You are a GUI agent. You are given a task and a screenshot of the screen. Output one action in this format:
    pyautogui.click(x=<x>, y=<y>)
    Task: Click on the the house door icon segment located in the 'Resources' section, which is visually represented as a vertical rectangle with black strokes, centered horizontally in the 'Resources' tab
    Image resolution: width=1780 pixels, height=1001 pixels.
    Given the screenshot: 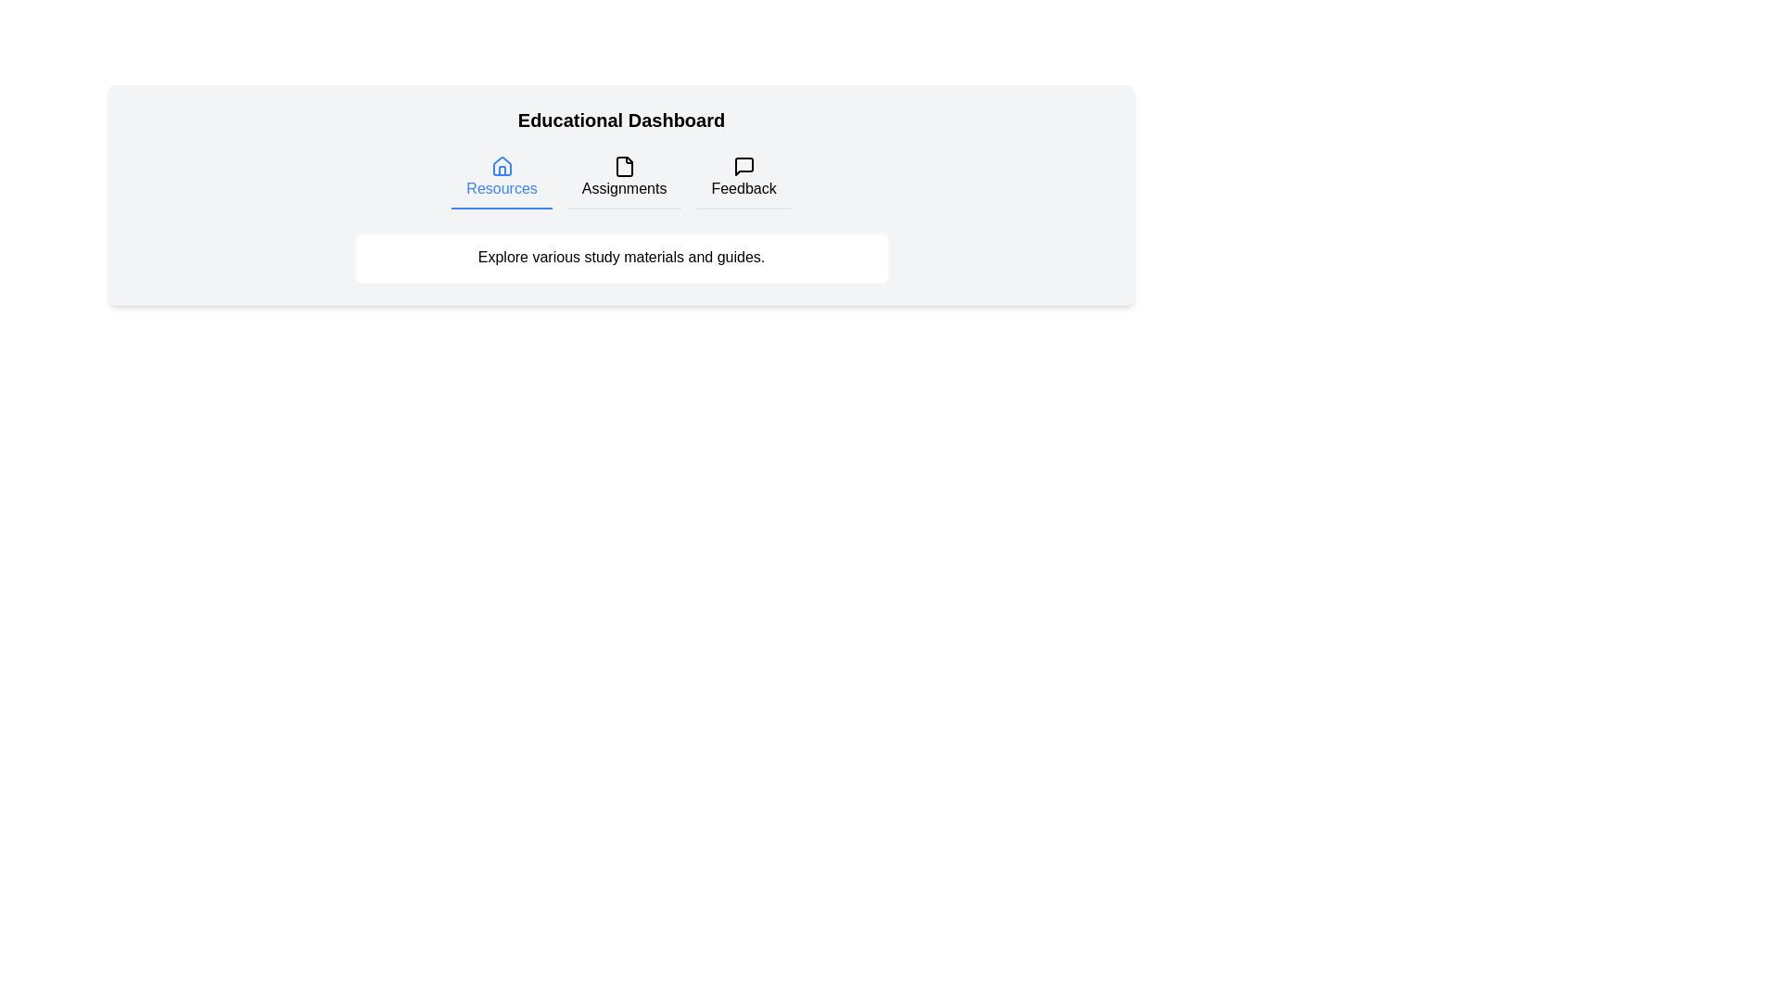 What is the action you would take?
    pyautogui.click(x=502, y=171)
    